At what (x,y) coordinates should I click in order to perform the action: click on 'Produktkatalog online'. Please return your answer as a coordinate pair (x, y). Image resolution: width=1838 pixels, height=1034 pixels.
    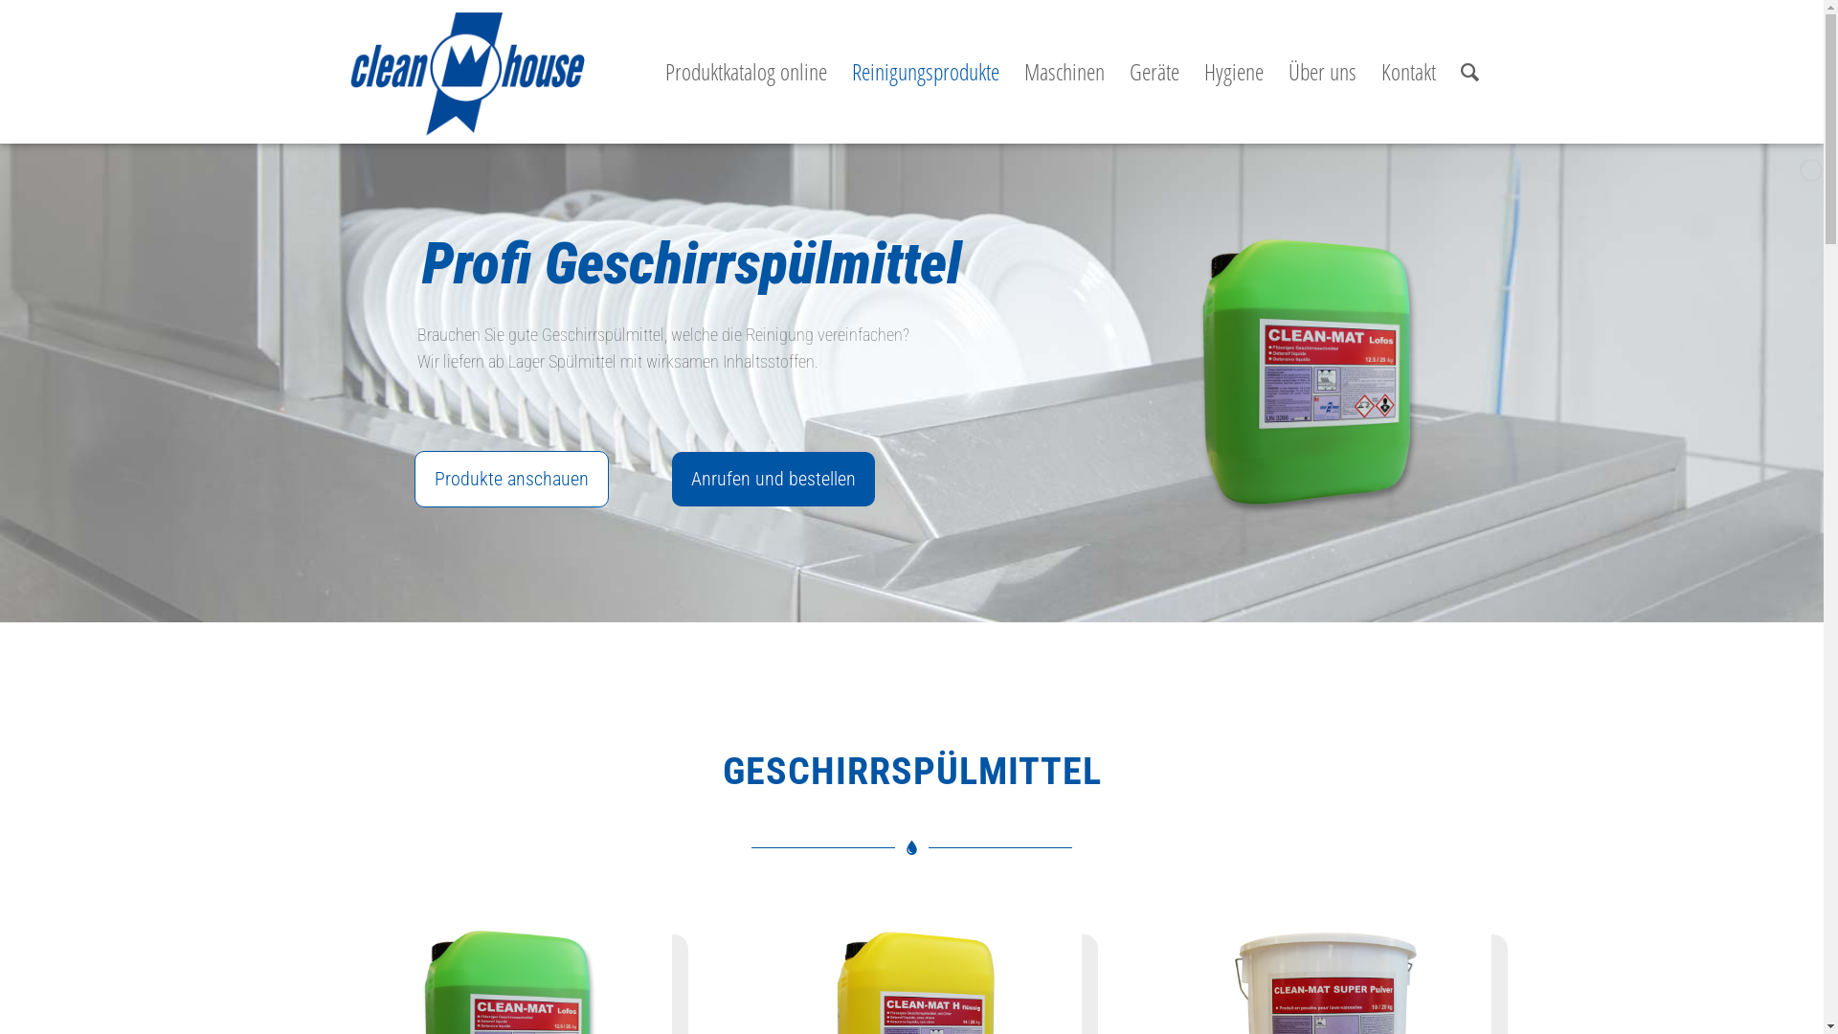
    Looking at the image, I should click on (745, 70).